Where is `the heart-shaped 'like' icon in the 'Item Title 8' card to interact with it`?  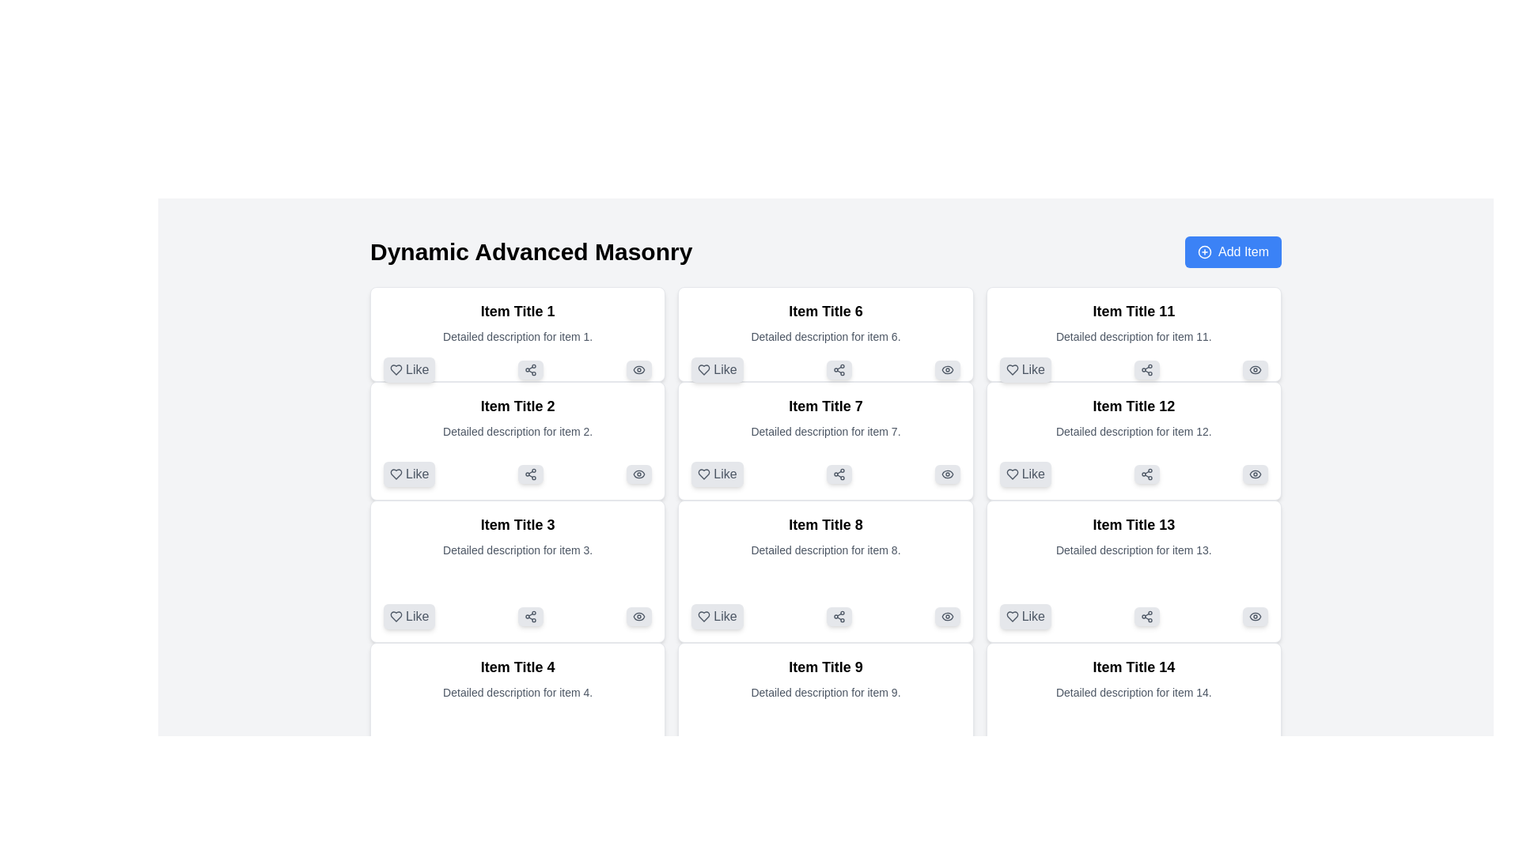 the heart-shaped 'like' icon in the 'Item Title 8' card to interact with it is located at coordinates (703, 615).